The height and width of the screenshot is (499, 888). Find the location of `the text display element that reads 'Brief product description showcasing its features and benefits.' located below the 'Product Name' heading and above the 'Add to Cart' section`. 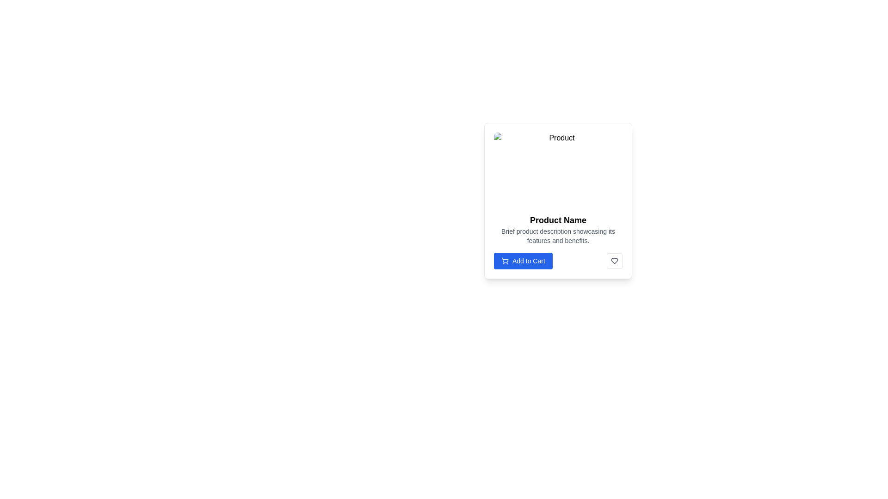

the text display element that reads 'Brief product description showcasing its features and benefits.' located below the 'Product Name' heading and above the 'Add to Cart' section is located at coordinates (557, 235).